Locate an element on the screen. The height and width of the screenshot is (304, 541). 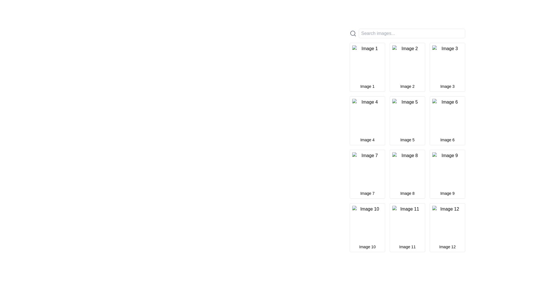
the text label displaying 'Image 12', which is located at the bottom-right position of a grid layout, directly below an image labeled 'Image 12' is located at coordinates (447, 246).